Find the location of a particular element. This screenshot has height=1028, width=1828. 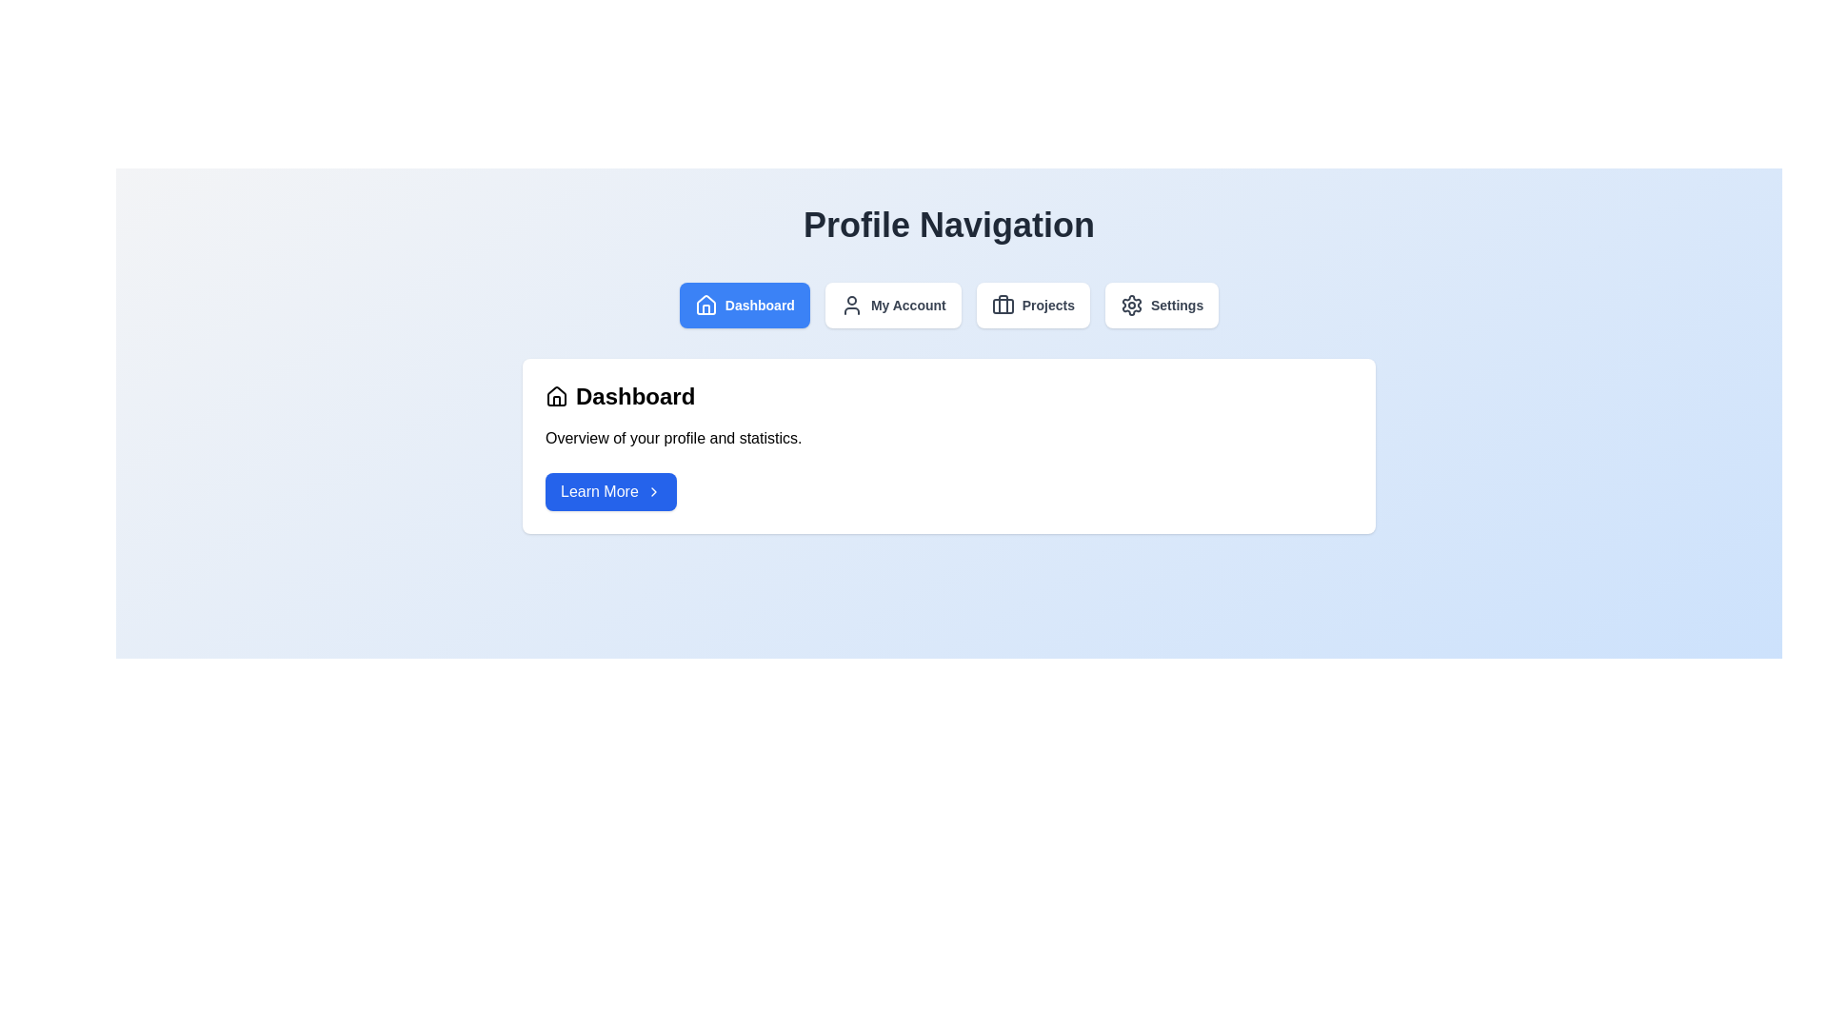

the 'Projects' icon within the navigation button located in the top center of the interface under 'Profile Navigation'. This icon visually represents the 'Projects' section and is positioned to the left of the text 'Projects' is located at coordinates (1002, 304).